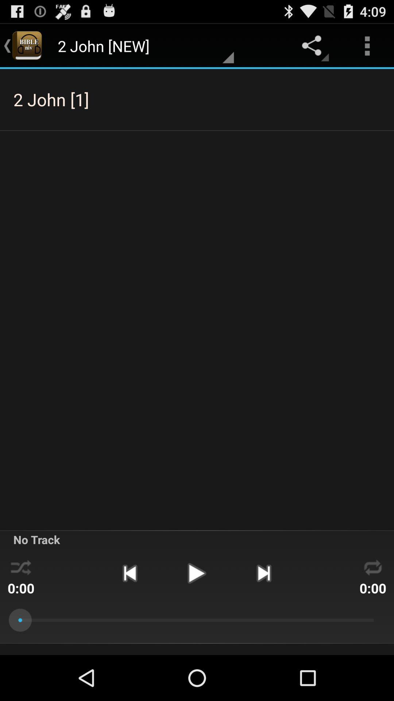 This screenshot has width=394, height=701. I want to click on the skip_next icon, so click(264, 613).